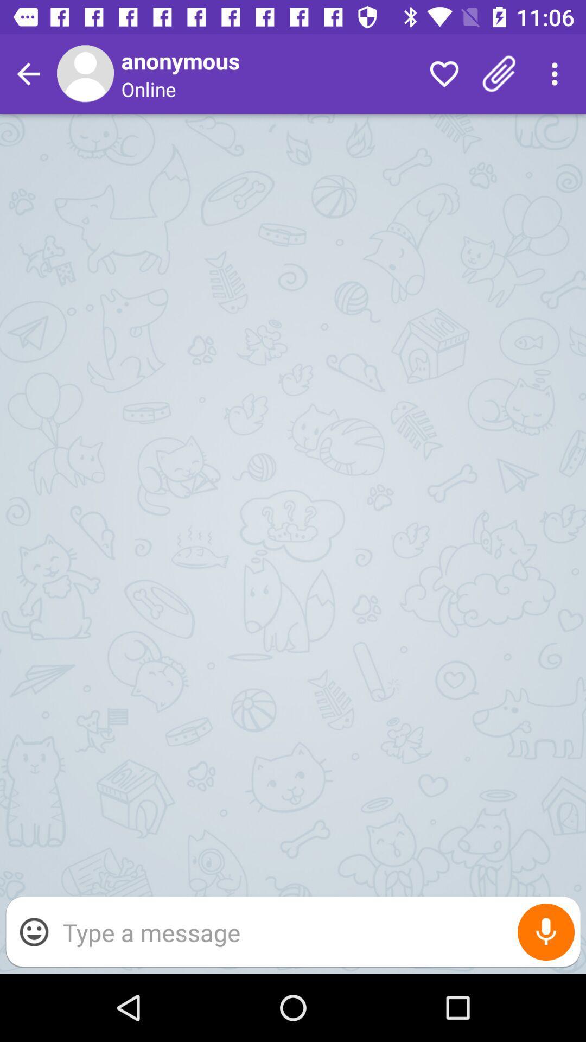 This screenshot has width=586, height=1042. Describe the element at coordinates (546, 931) in the screenshot. I see `open microphone` at that location.